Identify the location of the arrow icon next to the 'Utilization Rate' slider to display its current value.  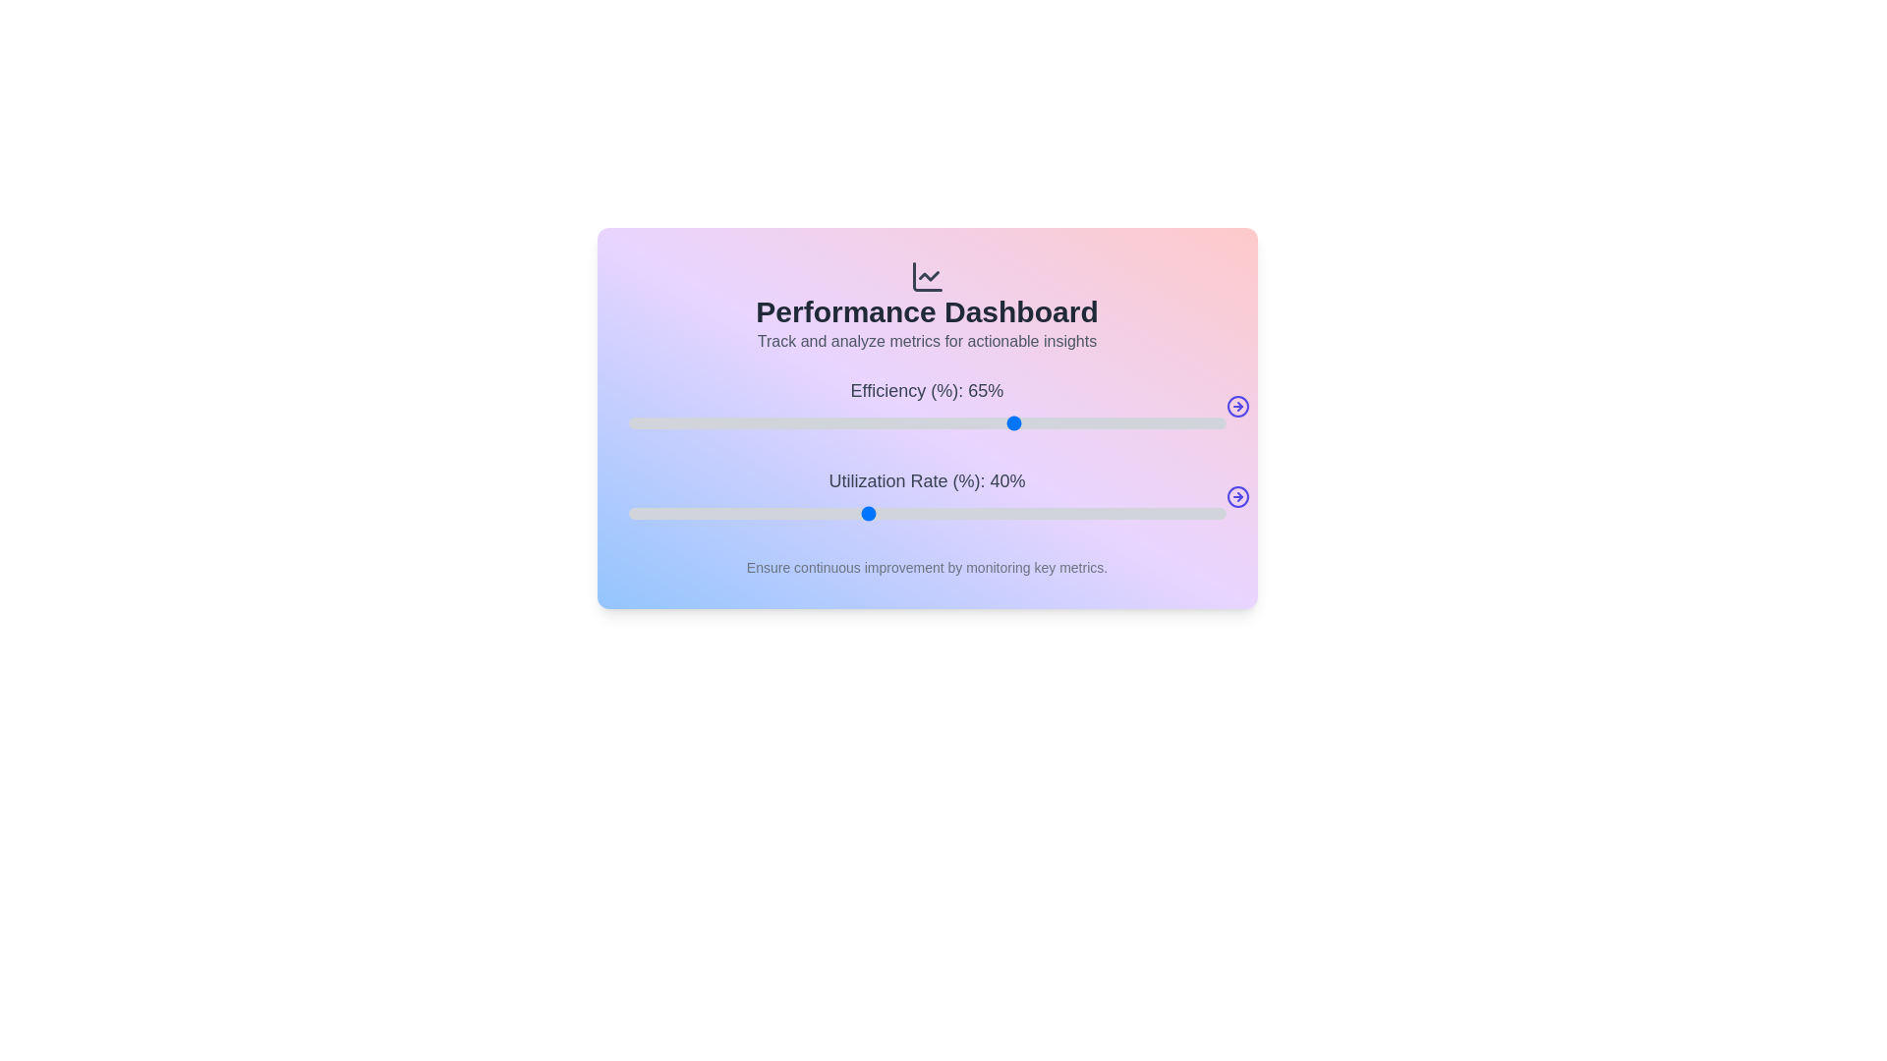
(1236, 495).